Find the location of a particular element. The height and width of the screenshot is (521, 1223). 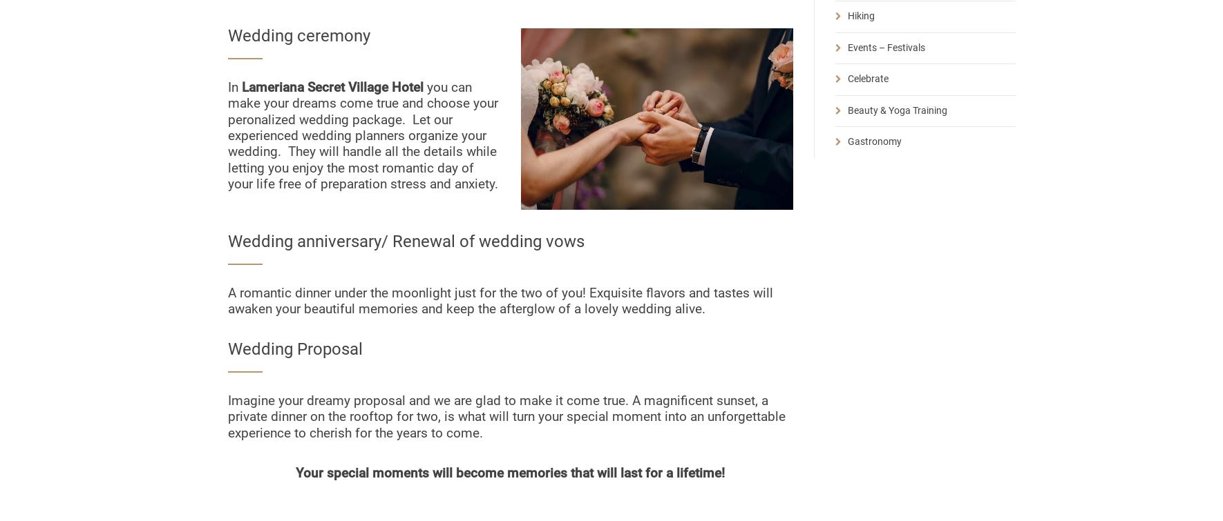

'In' is located at coordinates (234, 87).